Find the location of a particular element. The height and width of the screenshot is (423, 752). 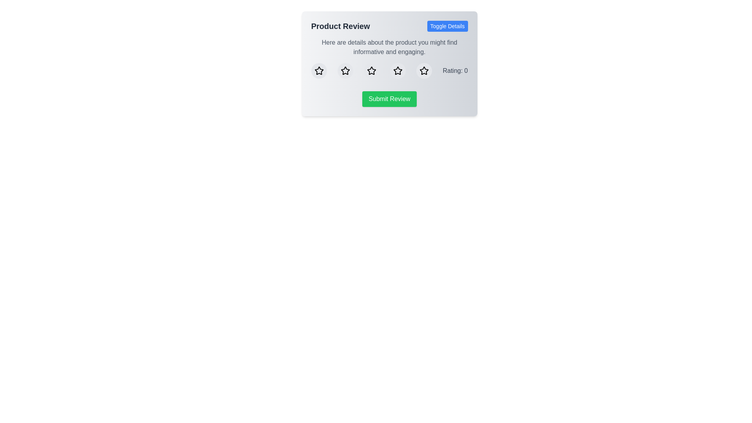

the 'Toggle Details' button to toggle the visibility of the additional details is located at coordinates (447, 25).